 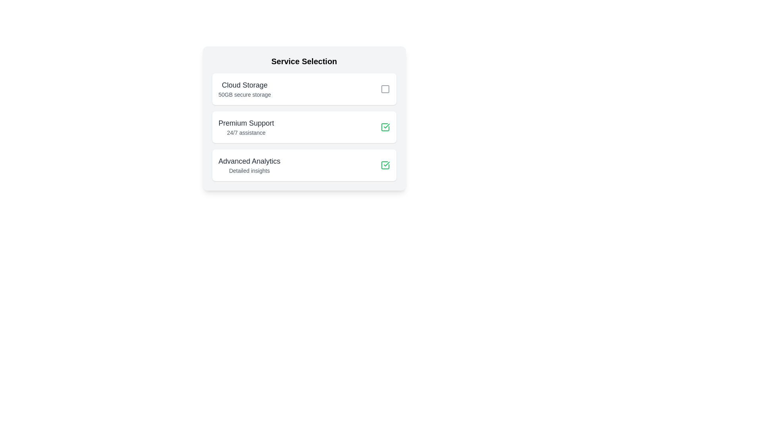 What do you see at coordinates (244, 94) in the screenshot?
I see `the static text label displaying '50GB secure storage', which is a subtitle under 'Cloud Storage' and is styled in a gray font` at bounding box center [244, 94].